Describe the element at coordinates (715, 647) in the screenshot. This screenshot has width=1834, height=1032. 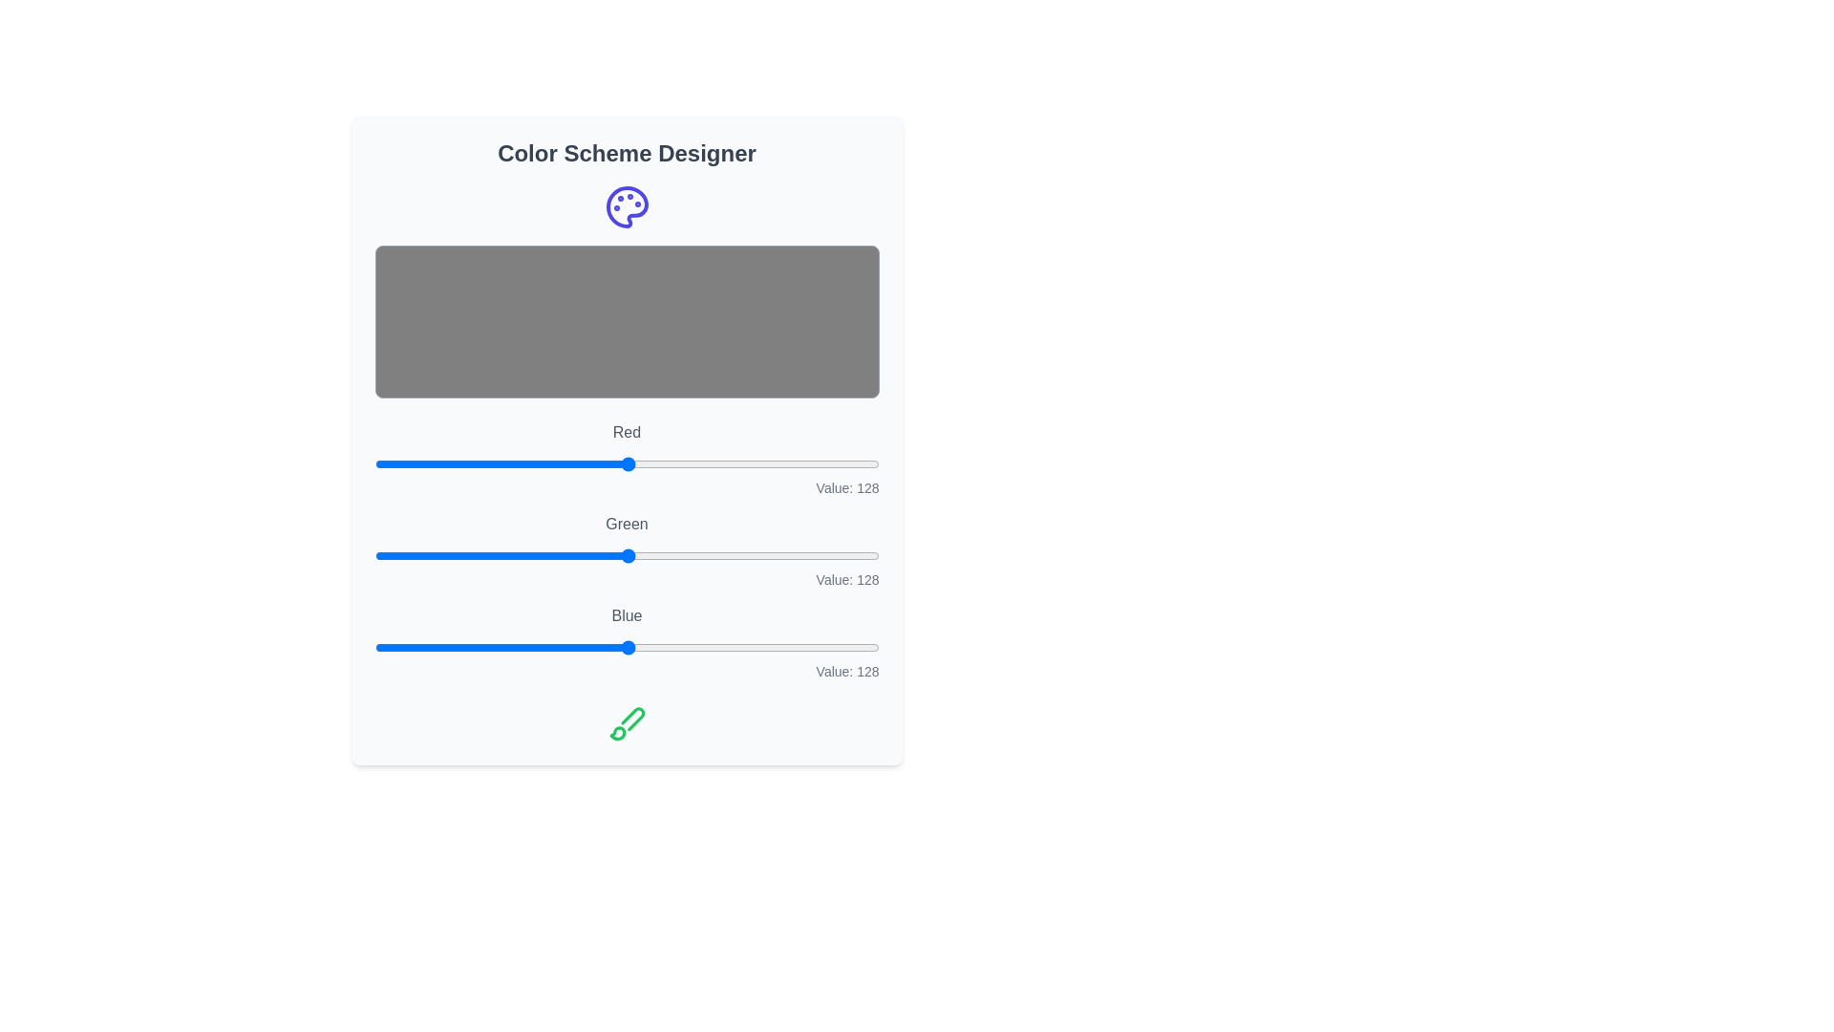
I see `the blue color value` at that location.